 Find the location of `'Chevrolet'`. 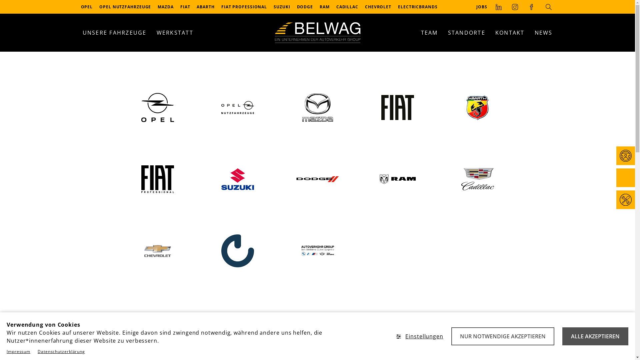

'Chevrolet' is located at coordinates (157, 251).